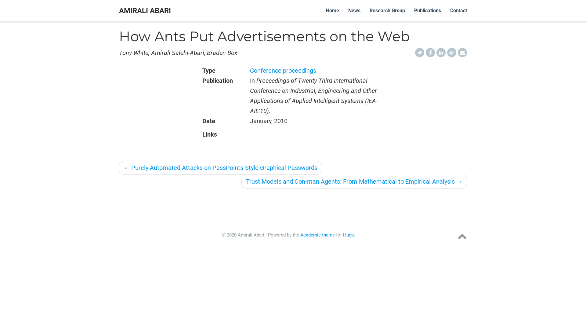 This screenshot has height=330, width=586. I want to click on 'Conference proceedings', so click(283, 70).